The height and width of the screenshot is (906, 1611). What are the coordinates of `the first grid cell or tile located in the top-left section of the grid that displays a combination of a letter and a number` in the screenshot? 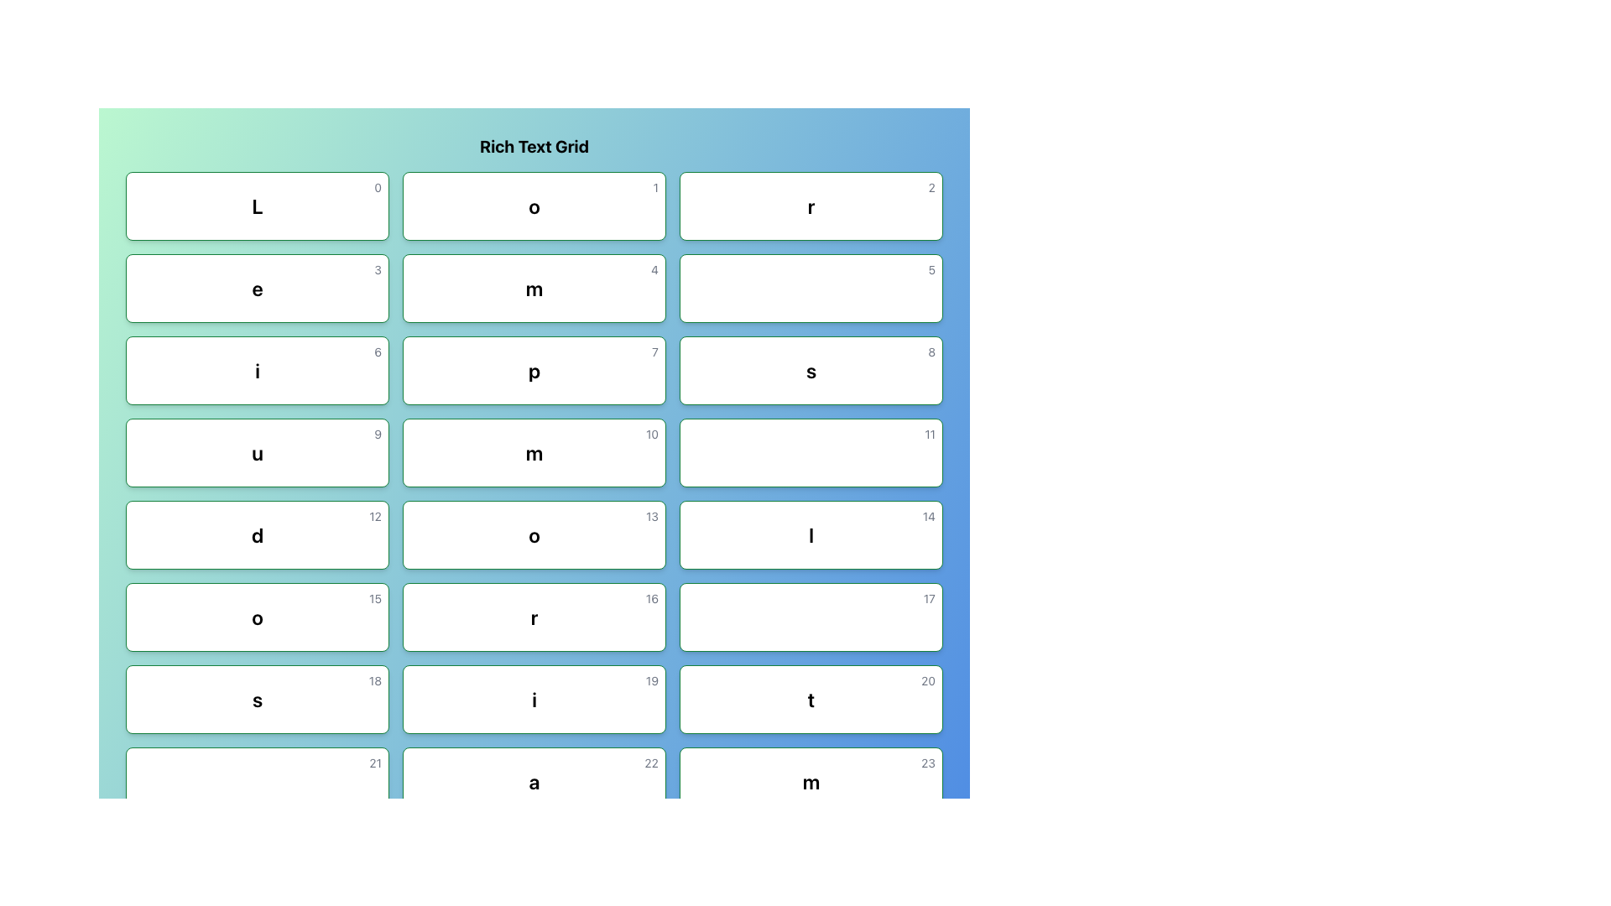 It's located at (257, 206).